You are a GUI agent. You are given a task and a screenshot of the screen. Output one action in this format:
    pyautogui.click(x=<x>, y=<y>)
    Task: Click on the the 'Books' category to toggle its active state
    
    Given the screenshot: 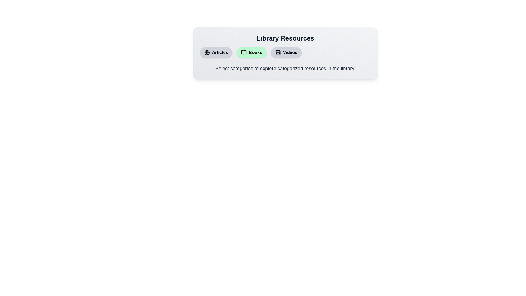 What is the action you would take?
    pyautogui.click(x=251, y=53)
    